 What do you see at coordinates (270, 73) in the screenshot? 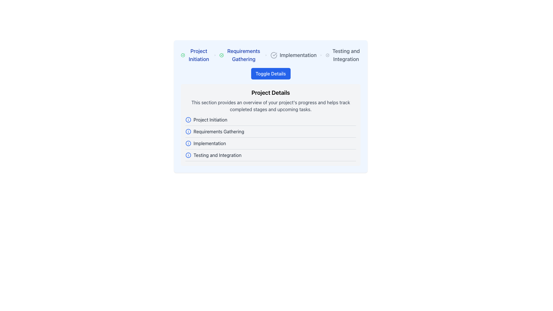
I see `the toggle button for showing or hiding additional details related to the project summary, located above the 'Project Details' section` at bounding box center [270, 73].